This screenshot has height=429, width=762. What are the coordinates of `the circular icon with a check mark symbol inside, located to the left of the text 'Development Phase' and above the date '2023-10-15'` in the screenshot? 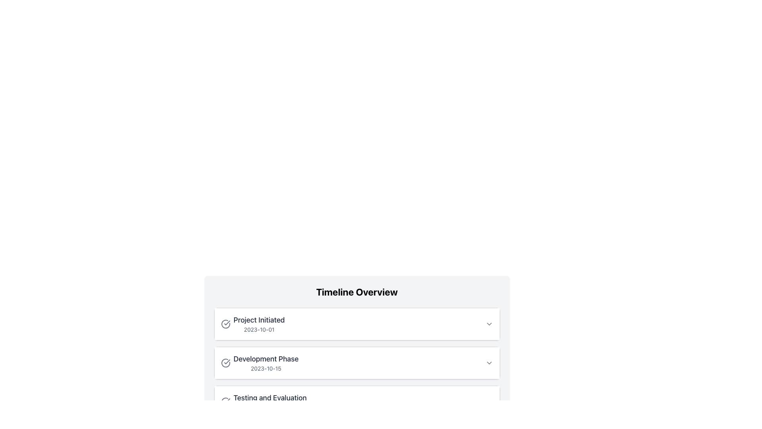 It's located at (225, 363).